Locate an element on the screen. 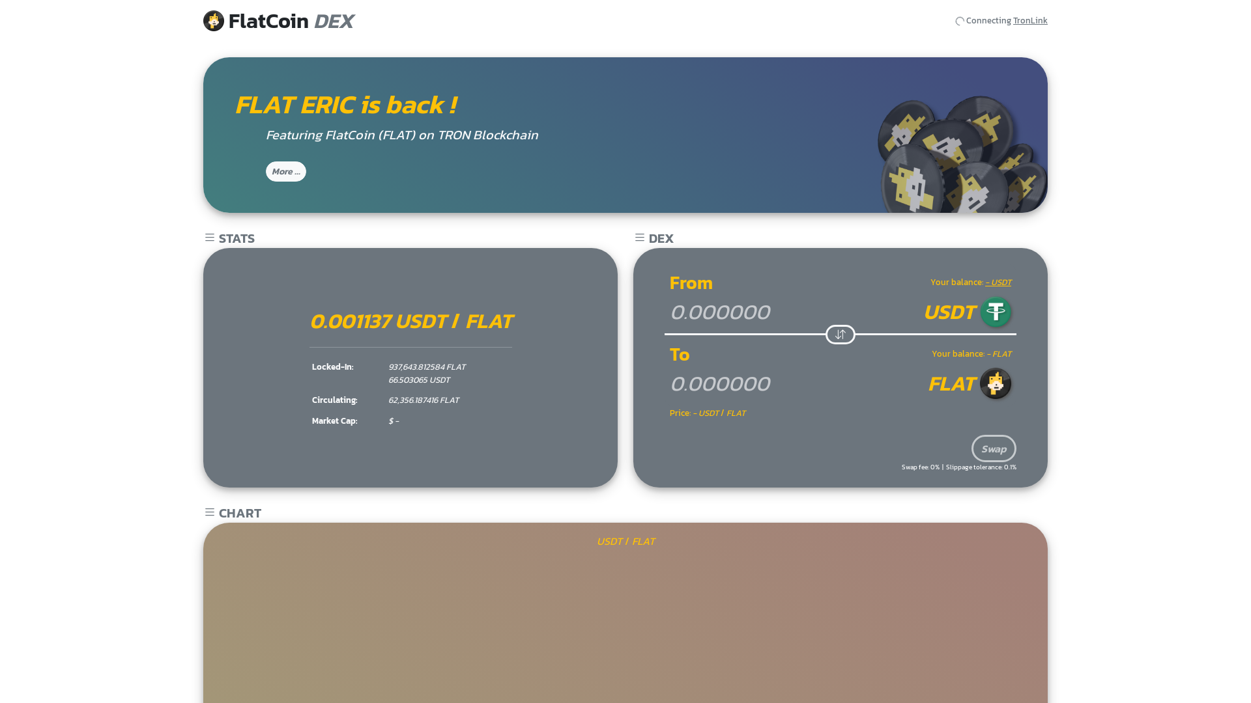 The height and width of the screenshot is (703, 1251). 'Swap' is located at coordinates (993, 448).